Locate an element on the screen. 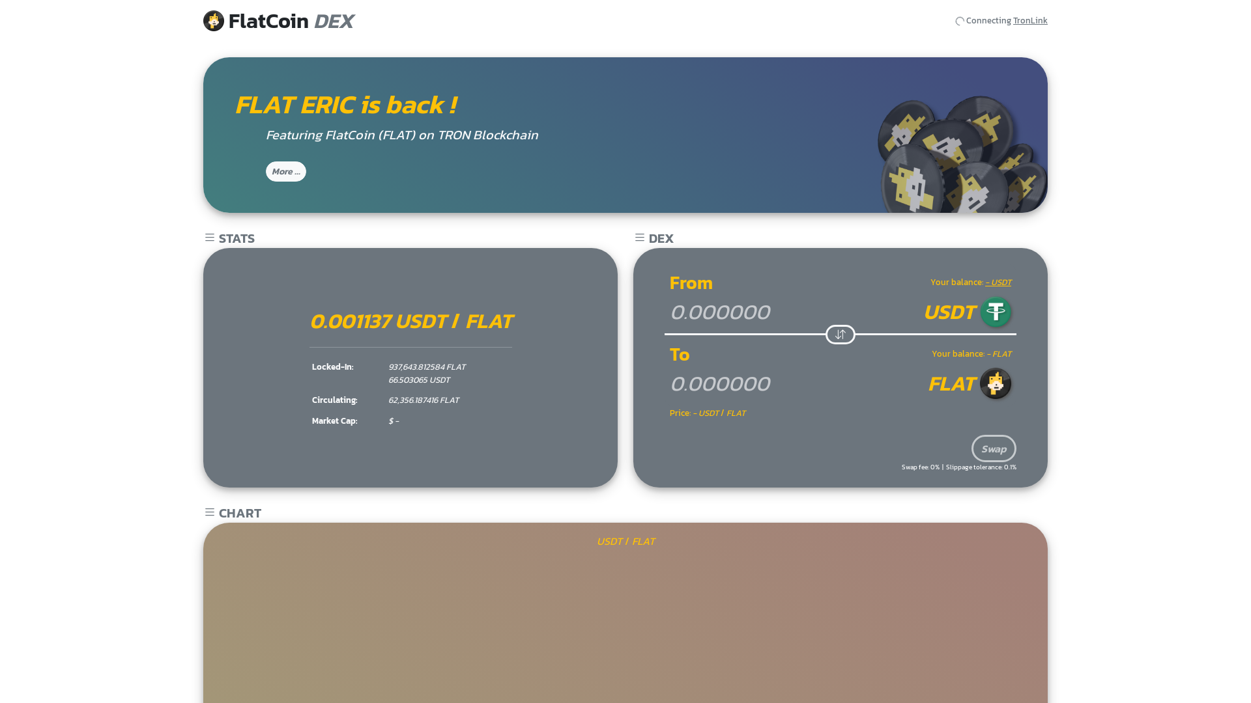 The height and width of the screenshot is (703, 1251). 'Swap' is located at coordinates (993, 448).